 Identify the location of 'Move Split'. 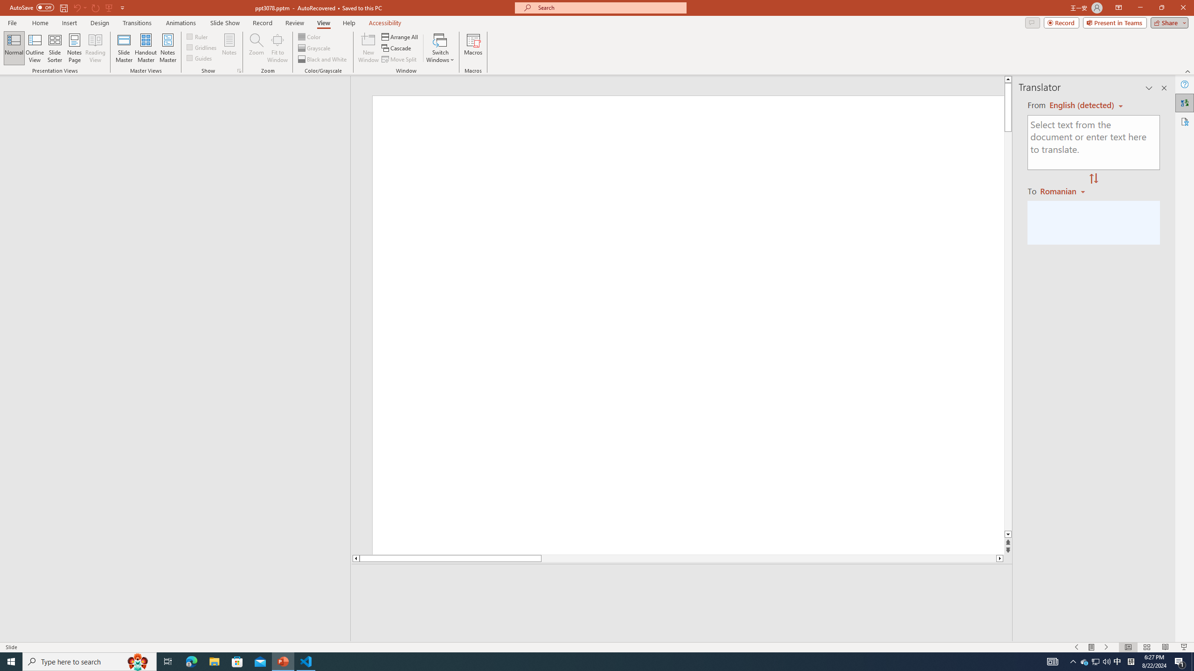
(399, 59).